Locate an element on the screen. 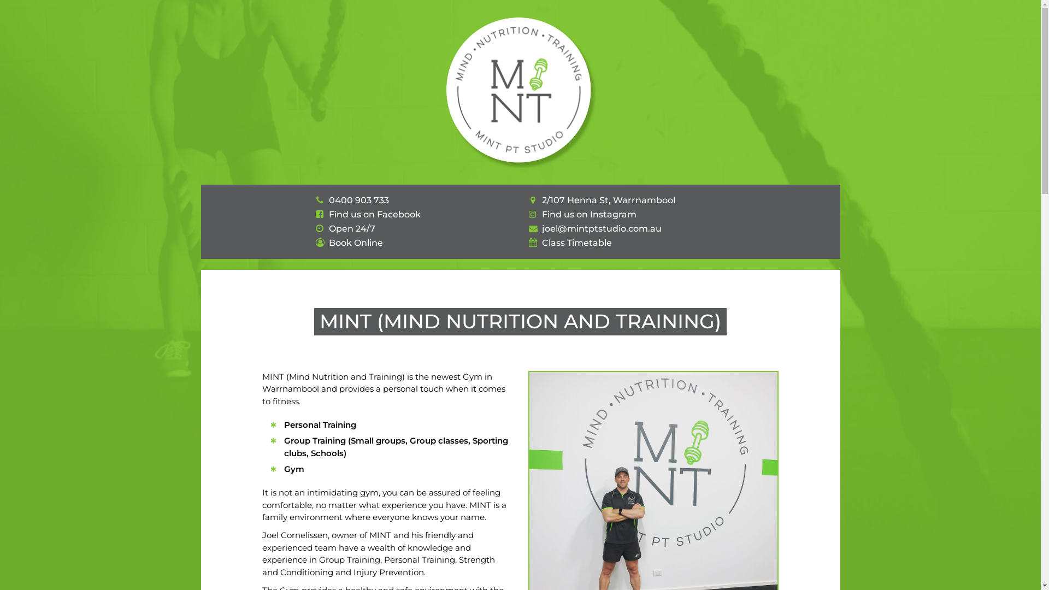 Image resolution: width=1049 pixels, height=590 pixels. 'Find us on Facebook' is located at coordinates (328, 214).